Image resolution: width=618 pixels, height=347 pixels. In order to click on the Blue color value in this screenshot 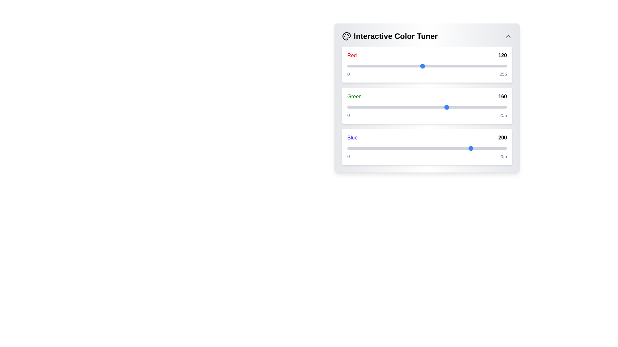, I will do `click(492, 148)`.